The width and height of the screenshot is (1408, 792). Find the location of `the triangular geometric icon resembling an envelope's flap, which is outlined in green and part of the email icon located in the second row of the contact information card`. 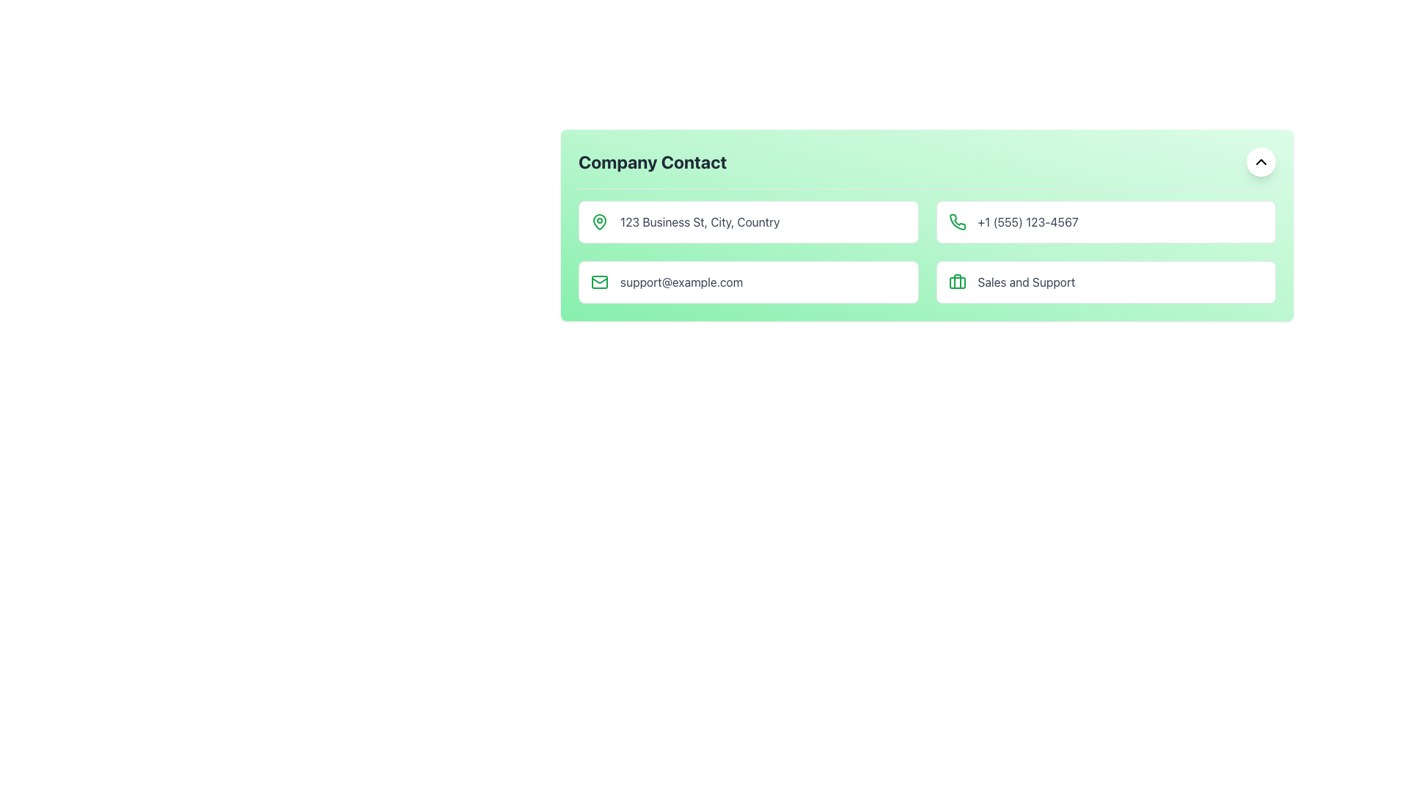

the triangular geometric icon resembling an envelope's flap, which is outlined in green and part of the email icon located in the second row of the contact information card is located at coordinates (599, 279).